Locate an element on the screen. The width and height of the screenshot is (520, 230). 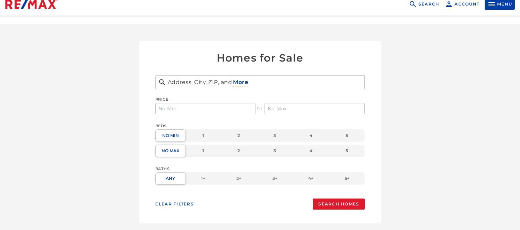
'4+' is located at coordinates (308, 178).